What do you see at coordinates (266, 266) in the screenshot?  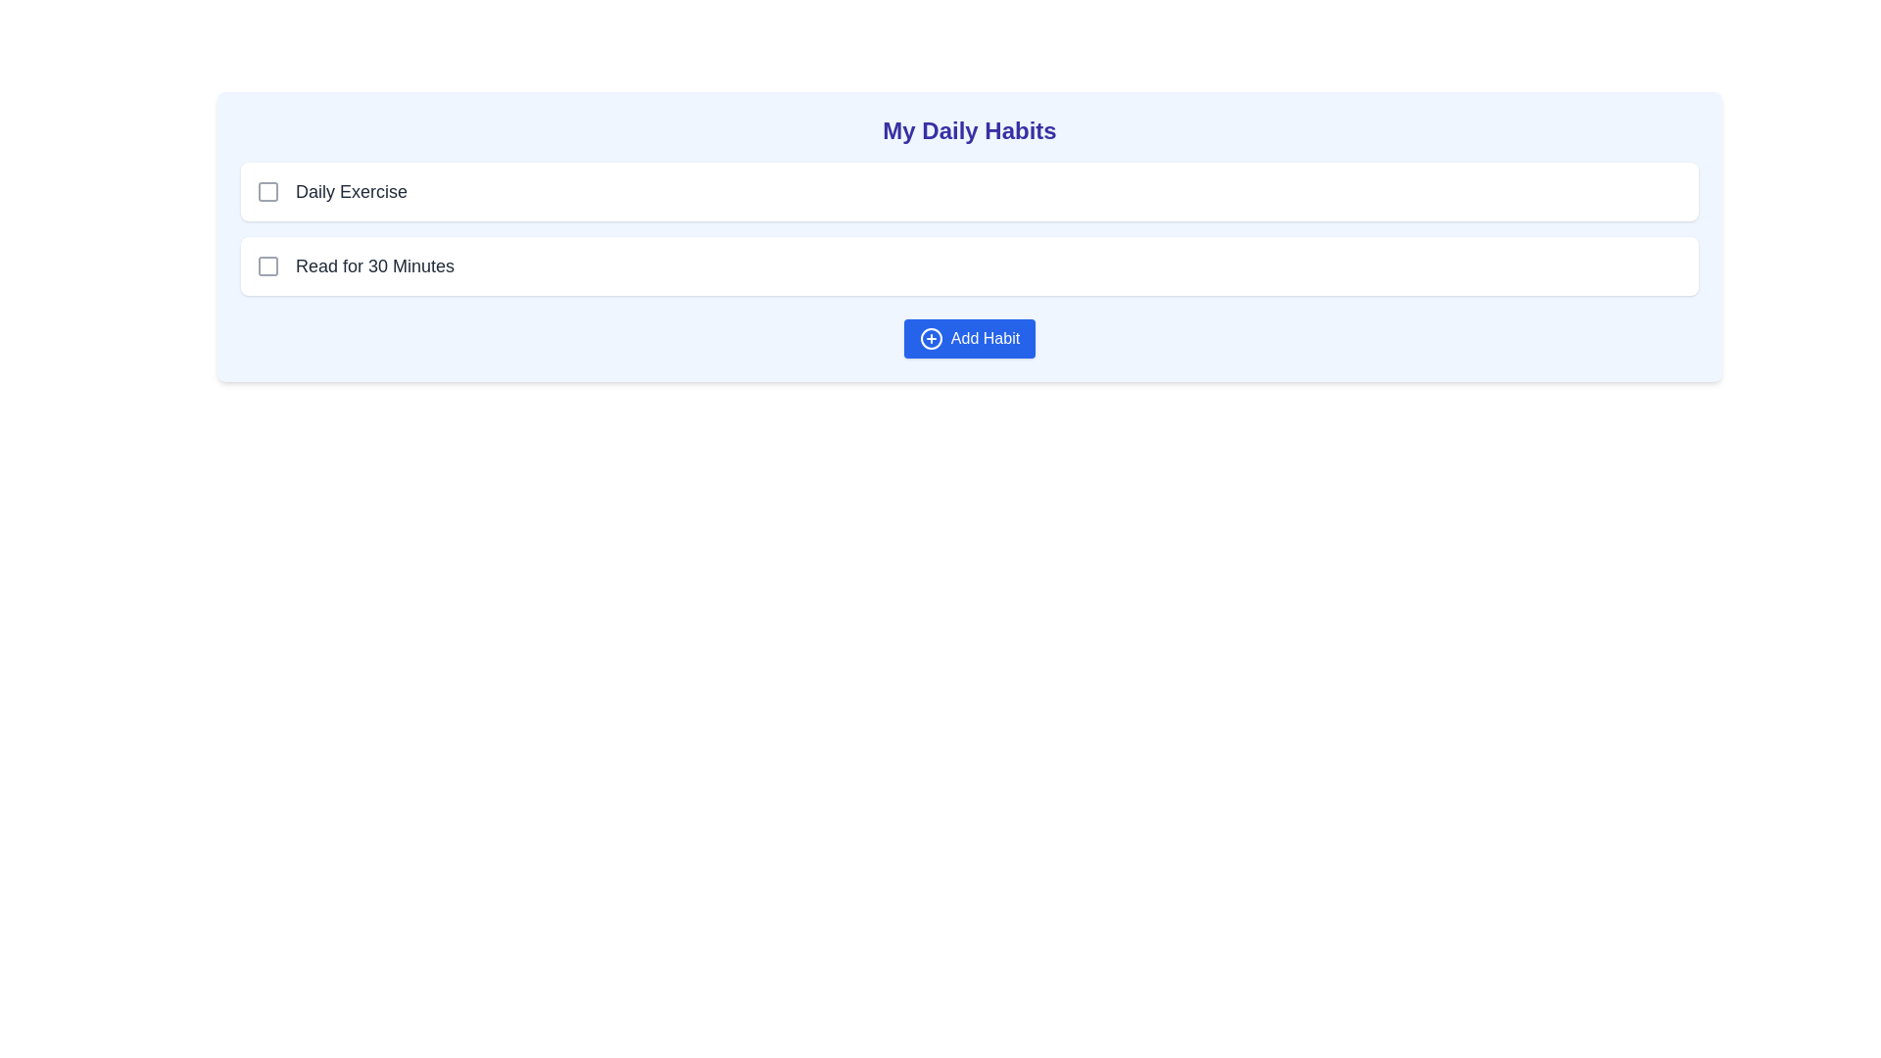 I see `the checkbox located to the left of the 'Read for 30 Minutes' label` at bounding box center [266, 266].